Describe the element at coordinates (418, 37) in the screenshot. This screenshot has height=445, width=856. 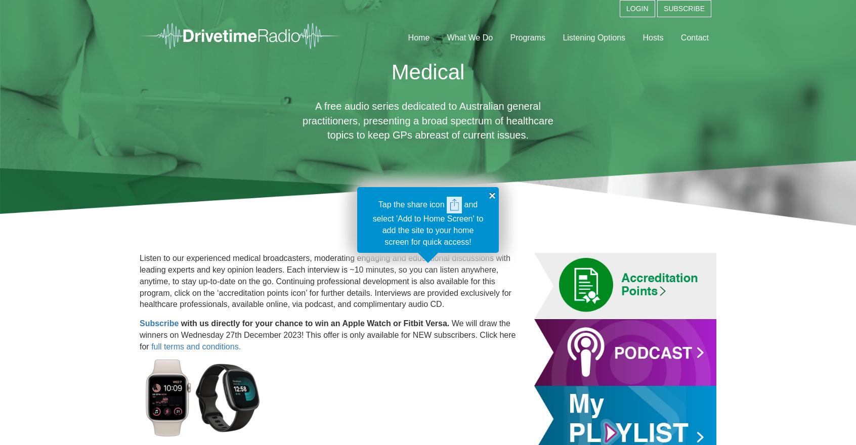
I see `'Home'` at that location.